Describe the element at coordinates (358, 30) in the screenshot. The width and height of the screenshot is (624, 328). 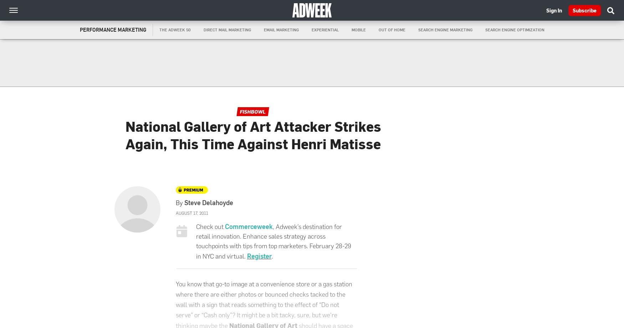
I see `'Mobile'` at that location.